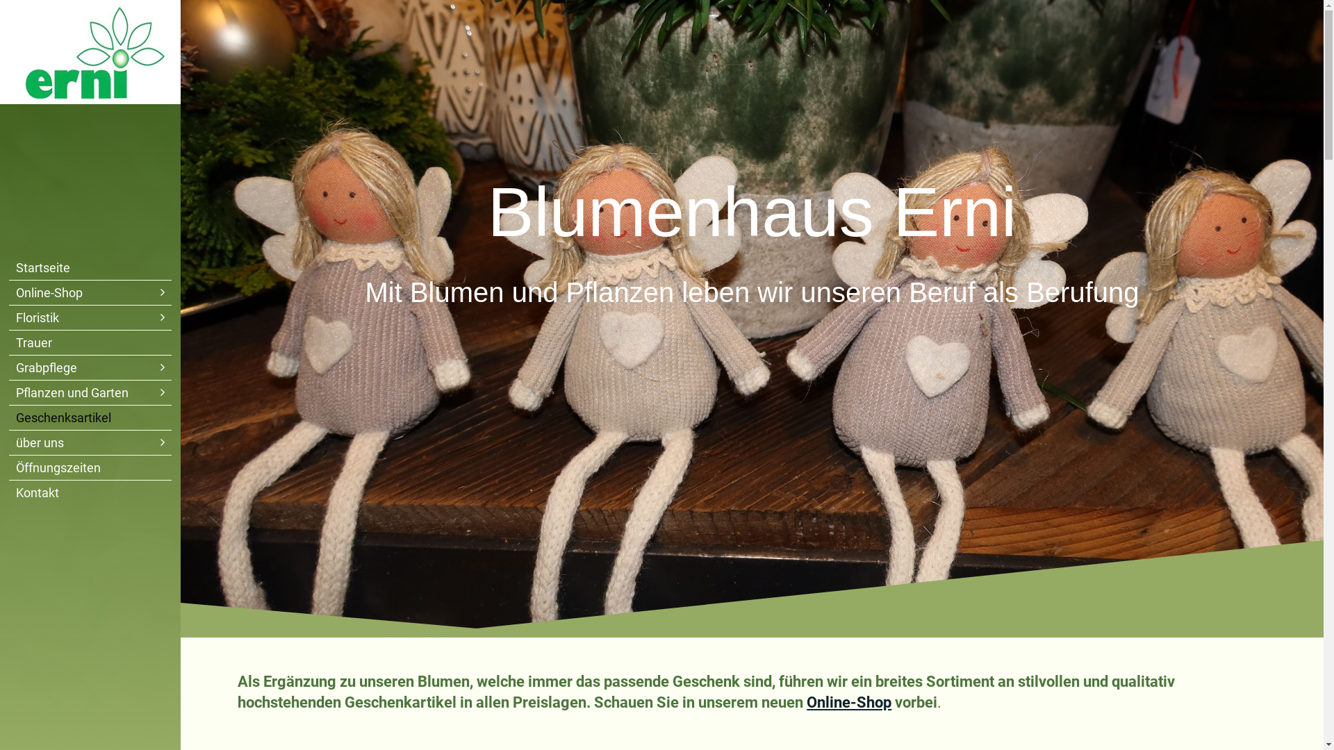  What do you see at coordinates (89, 342) in the screenshot?
I see `'Trauer'` at bounding box center [89, 342].